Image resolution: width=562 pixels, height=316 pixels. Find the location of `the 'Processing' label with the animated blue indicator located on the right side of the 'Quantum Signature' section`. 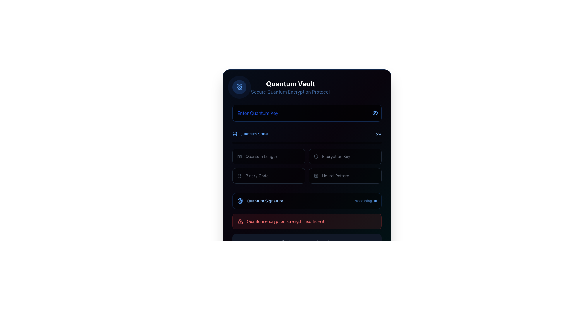

the 'Processing' label with the animated blue indicator located on the right side of the 'Quantum Signature' section is located at coordinates (365, 200).